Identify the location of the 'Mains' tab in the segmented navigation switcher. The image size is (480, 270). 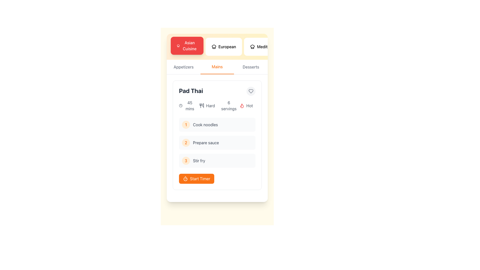
(217, 67).